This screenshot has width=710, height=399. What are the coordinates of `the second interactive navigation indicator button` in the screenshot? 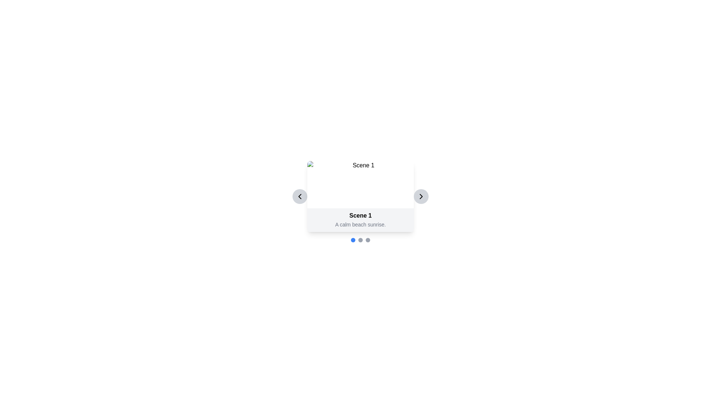 It's located at (360, 240).